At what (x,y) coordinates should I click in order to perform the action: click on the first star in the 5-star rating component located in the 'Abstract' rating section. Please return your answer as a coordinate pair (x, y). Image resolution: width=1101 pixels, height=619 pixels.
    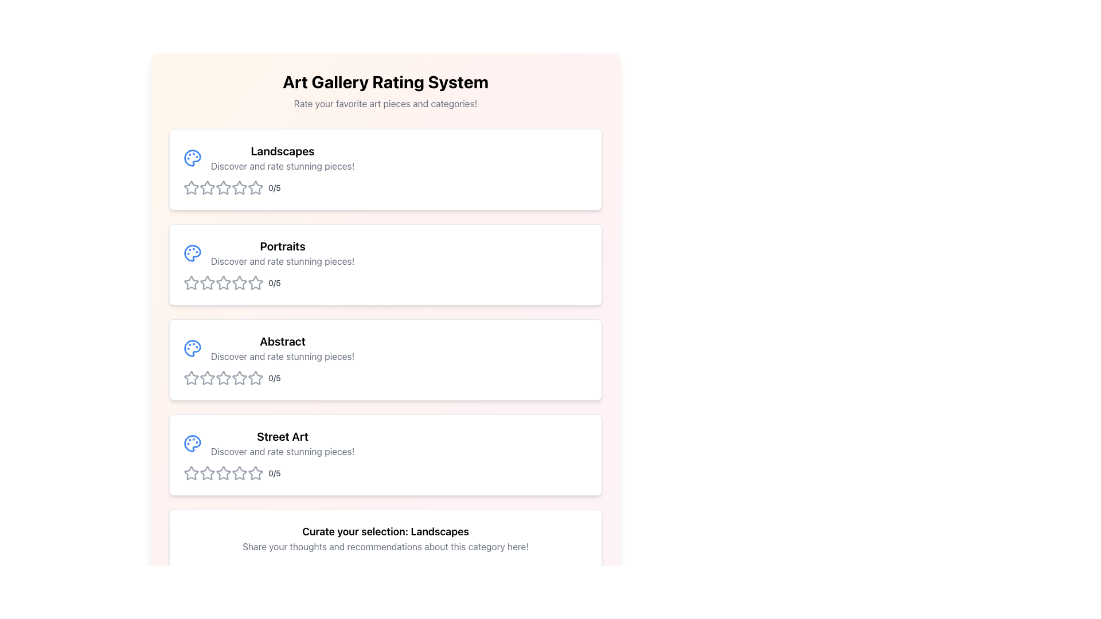
    Looking at the image, I should click on (192, 378).